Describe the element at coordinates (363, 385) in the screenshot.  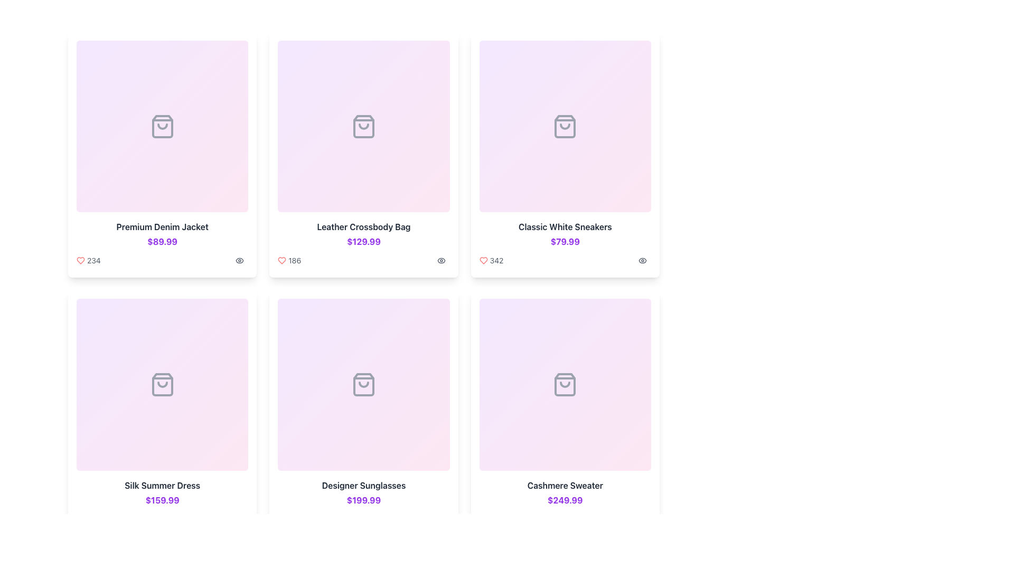
I see `the shopping bag icon located in the 'Designer Sunglasses' card` at that location.